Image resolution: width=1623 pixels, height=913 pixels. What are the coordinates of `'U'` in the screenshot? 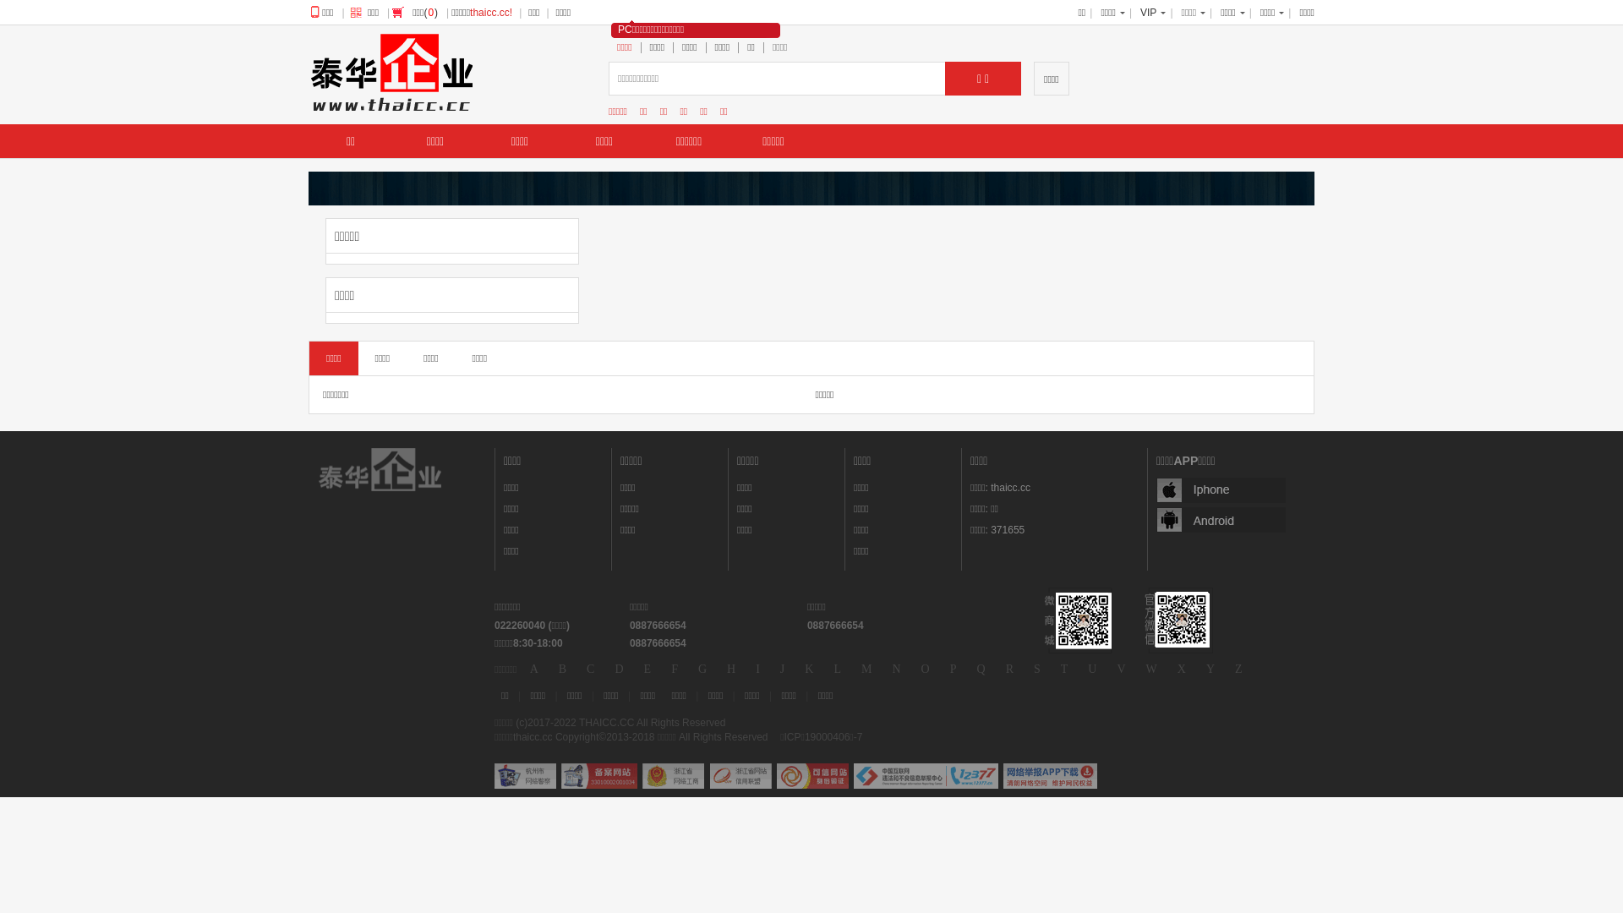 It's located at (1091, 668).